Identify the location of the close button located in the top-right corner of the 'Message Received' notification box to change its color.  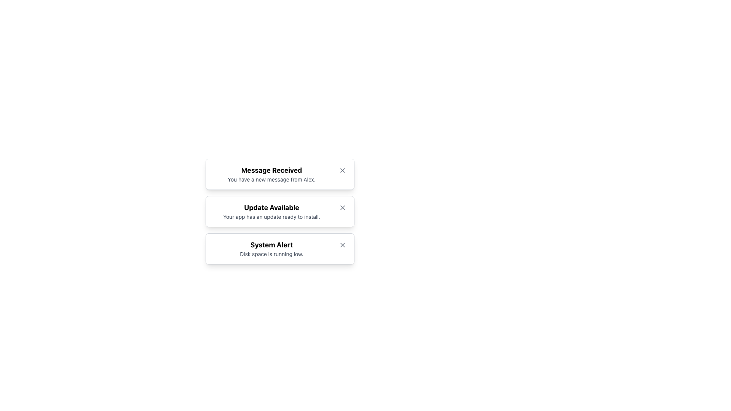
(342, 170).